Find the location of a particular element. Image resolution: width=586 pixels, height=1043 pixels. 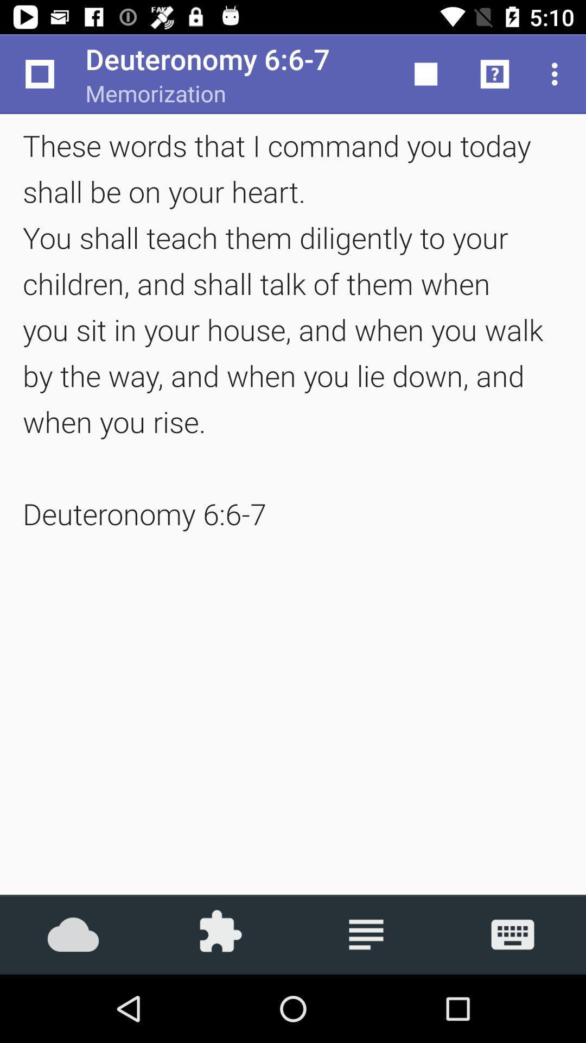

square box is located at coordinates (425, 74).